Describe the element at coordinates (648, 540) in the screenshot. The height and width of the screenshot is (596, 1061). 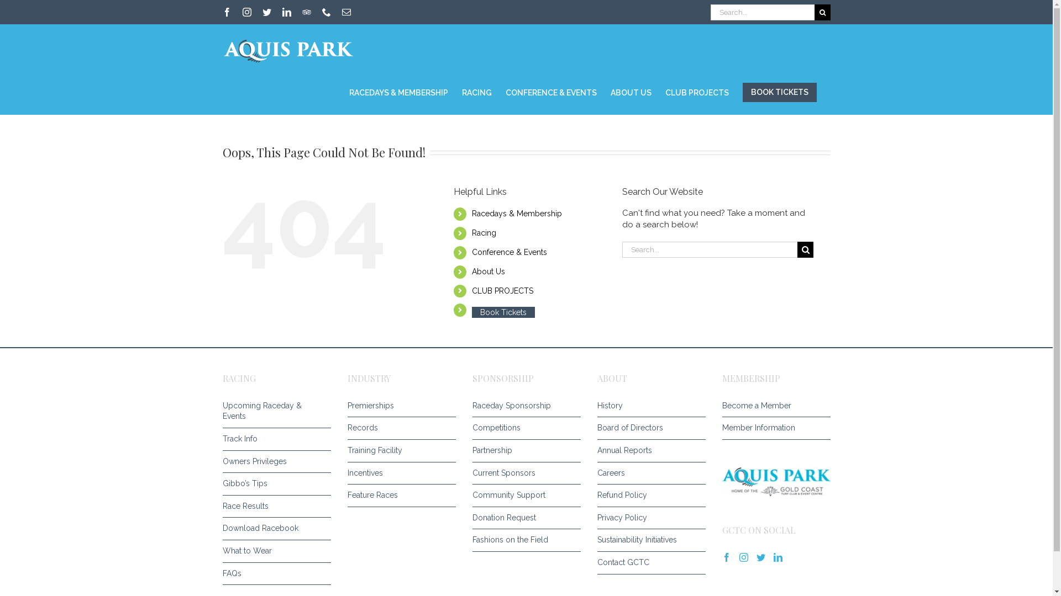
I see `'Sustainability Initiatives'` at that location.